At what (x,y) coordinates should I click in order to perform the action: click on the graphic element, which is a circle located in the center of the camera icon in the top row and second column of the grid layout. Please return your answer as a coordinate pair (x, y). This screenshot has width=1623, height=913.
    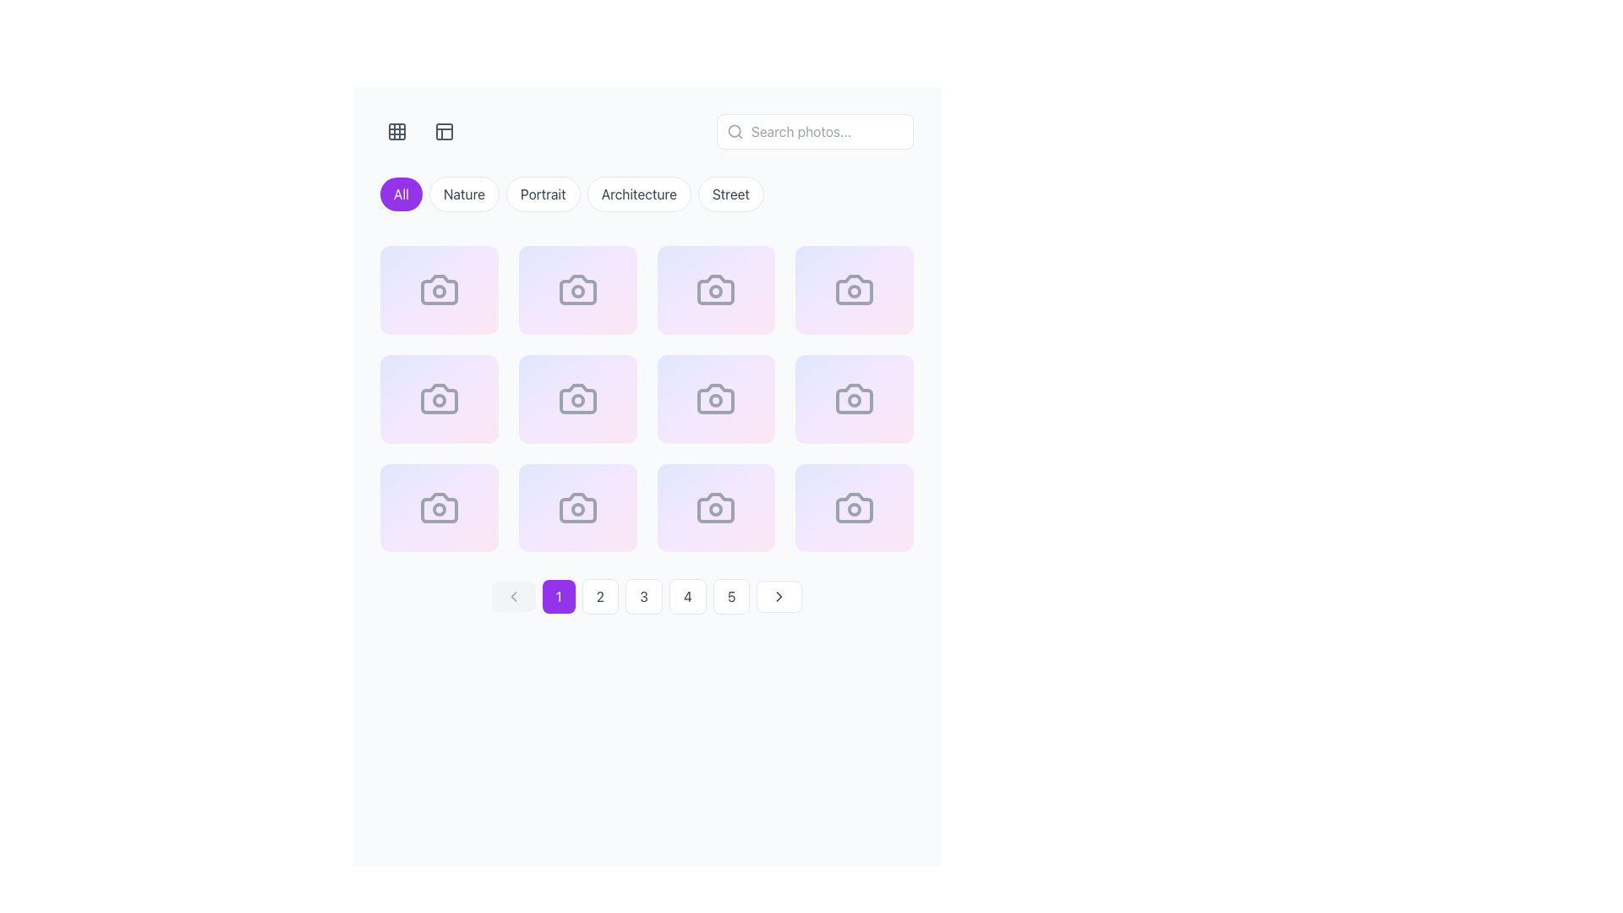
    Looking at the image, I should click on (577, 291).